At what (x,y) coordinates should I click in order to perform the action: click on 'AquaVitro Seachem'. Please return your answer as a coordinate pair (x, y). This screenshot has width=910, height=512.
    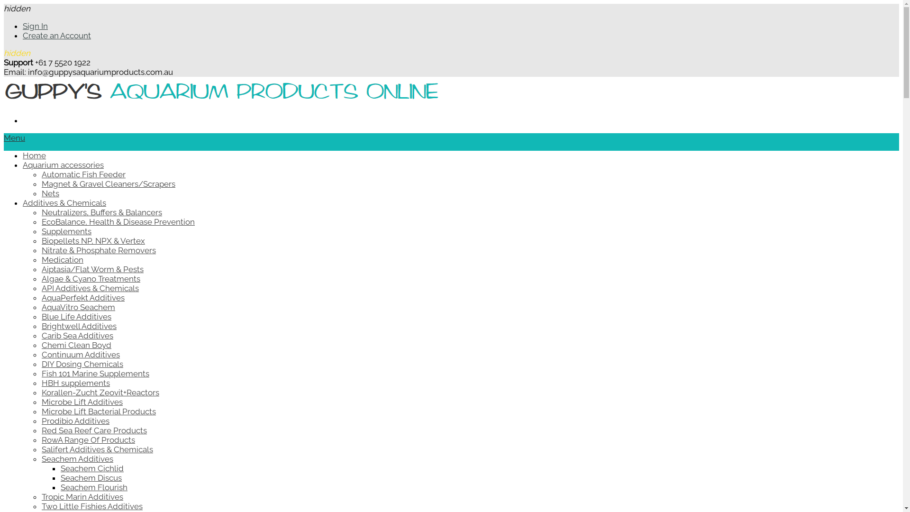
    Looking at the image, I should click on (41, 307).